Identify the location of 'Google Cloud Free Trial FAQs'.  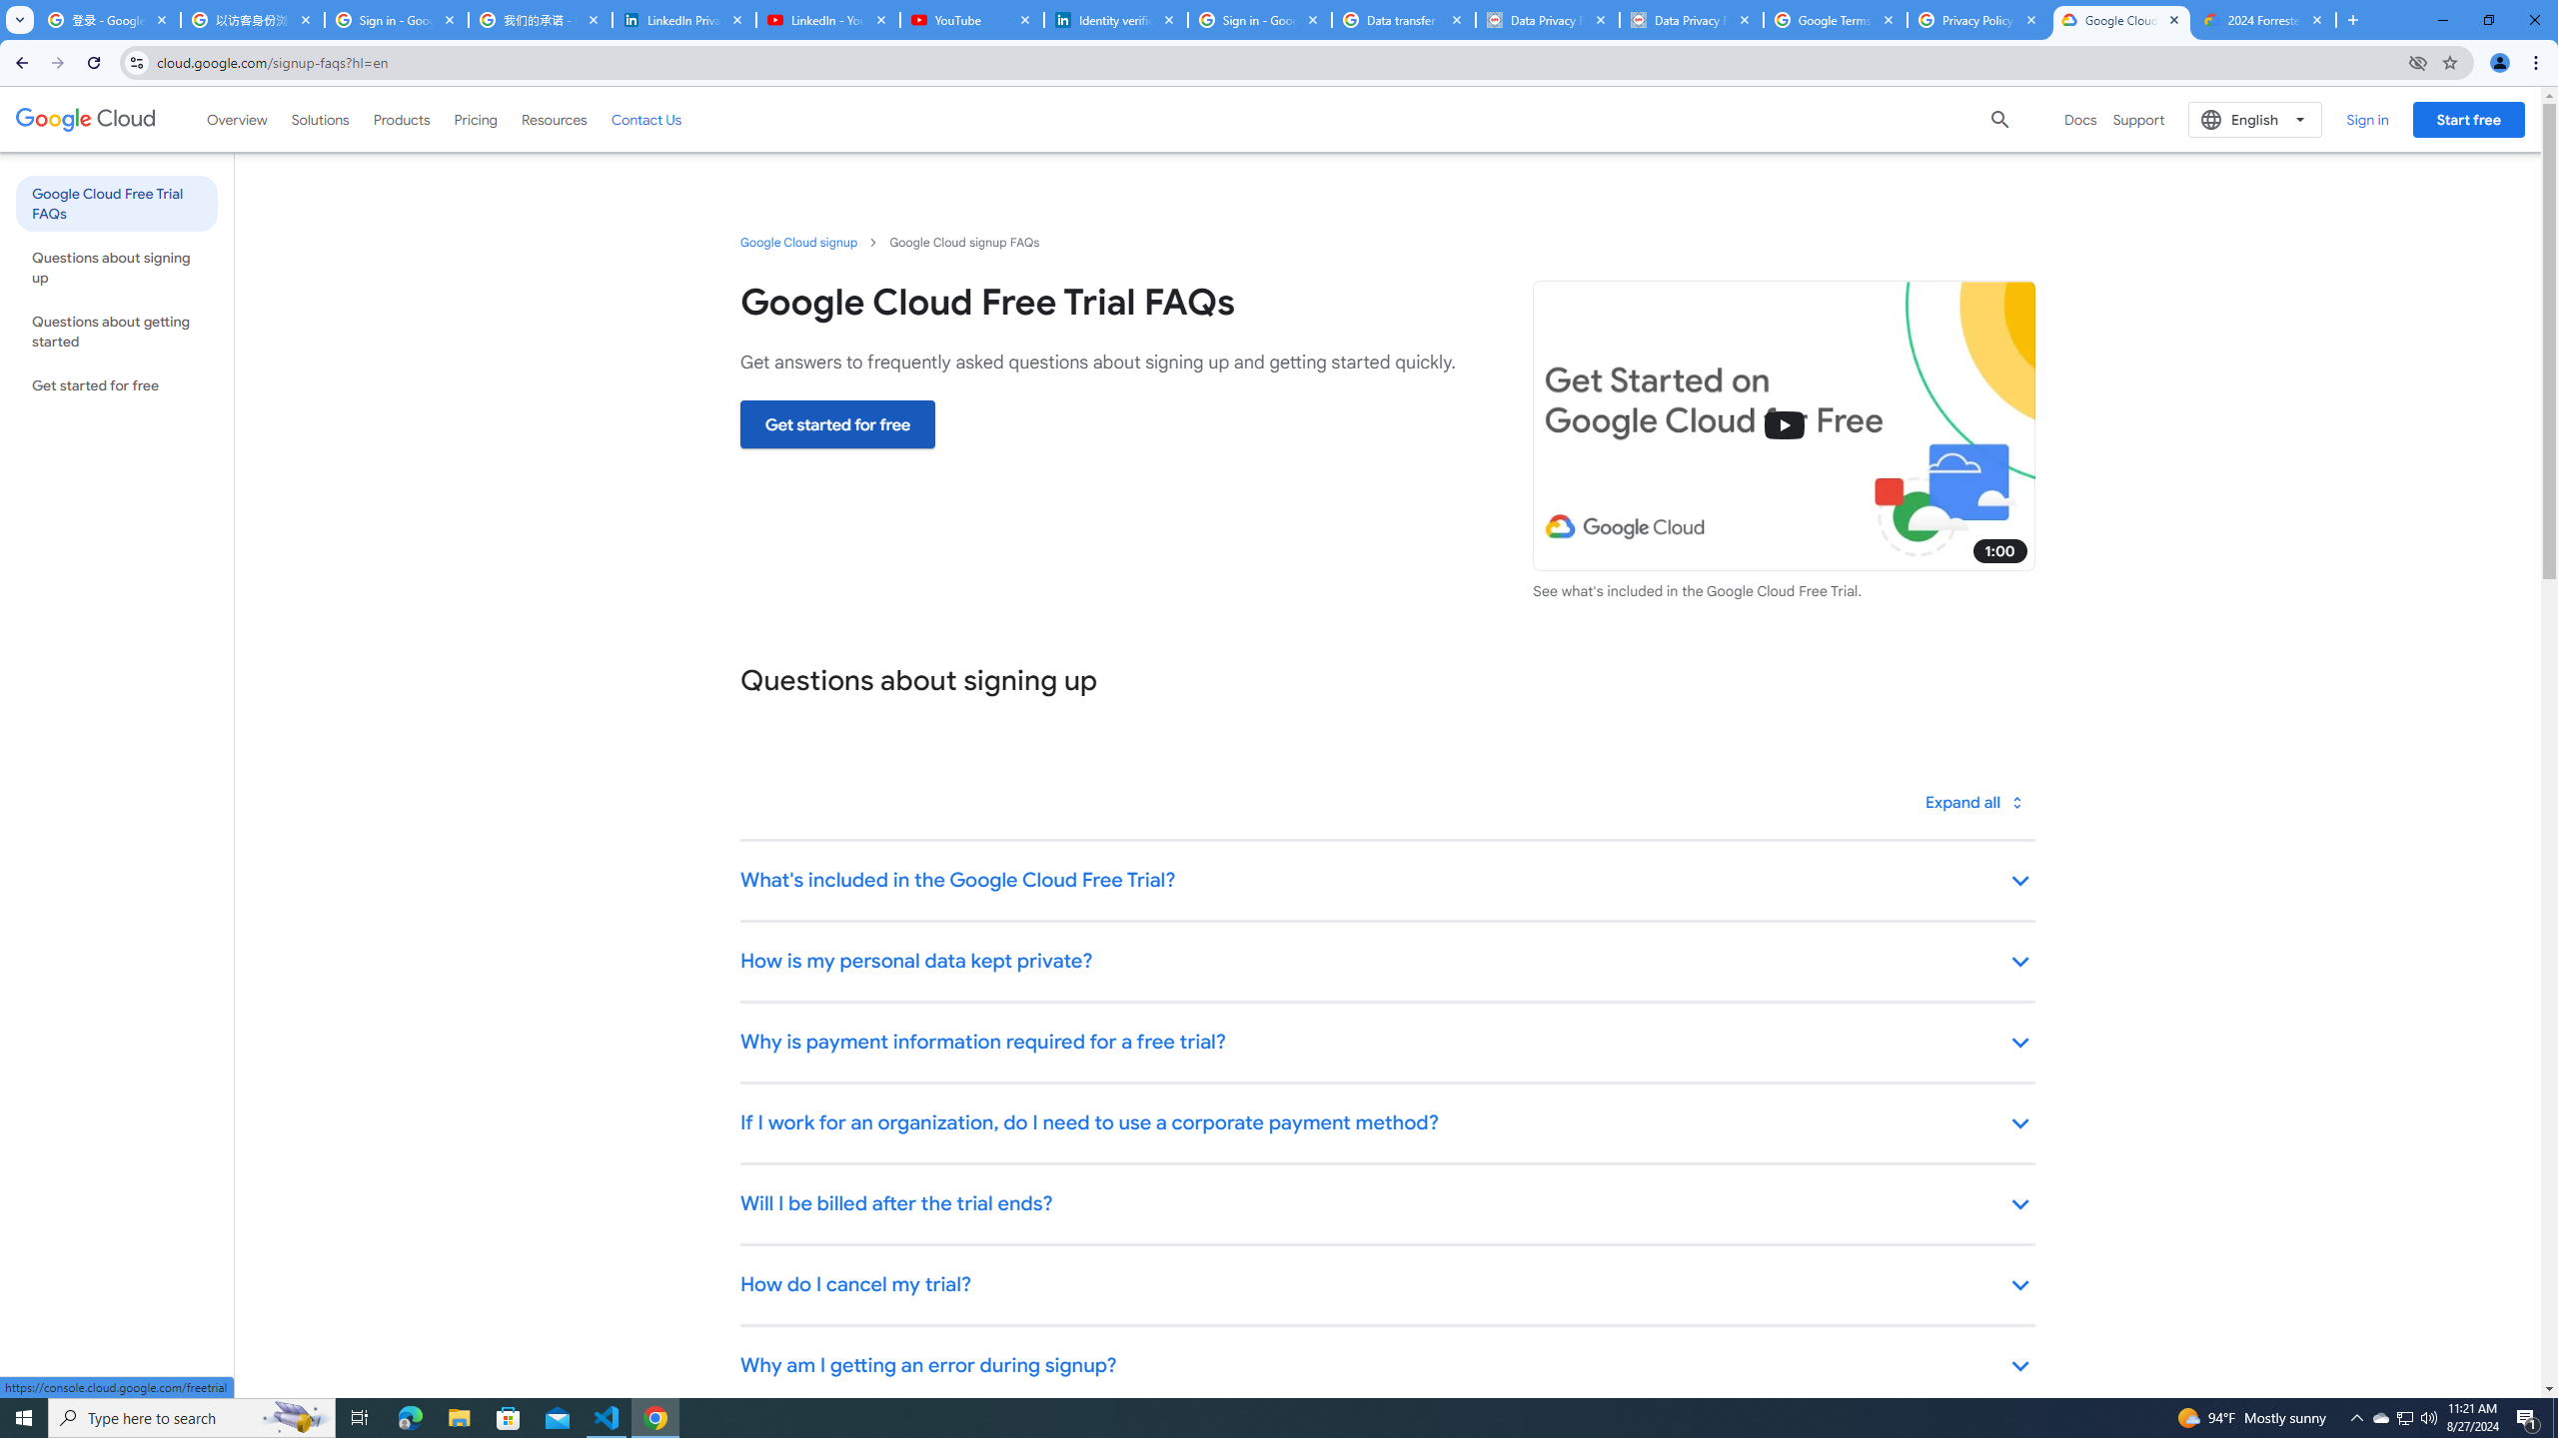
(115, 202).